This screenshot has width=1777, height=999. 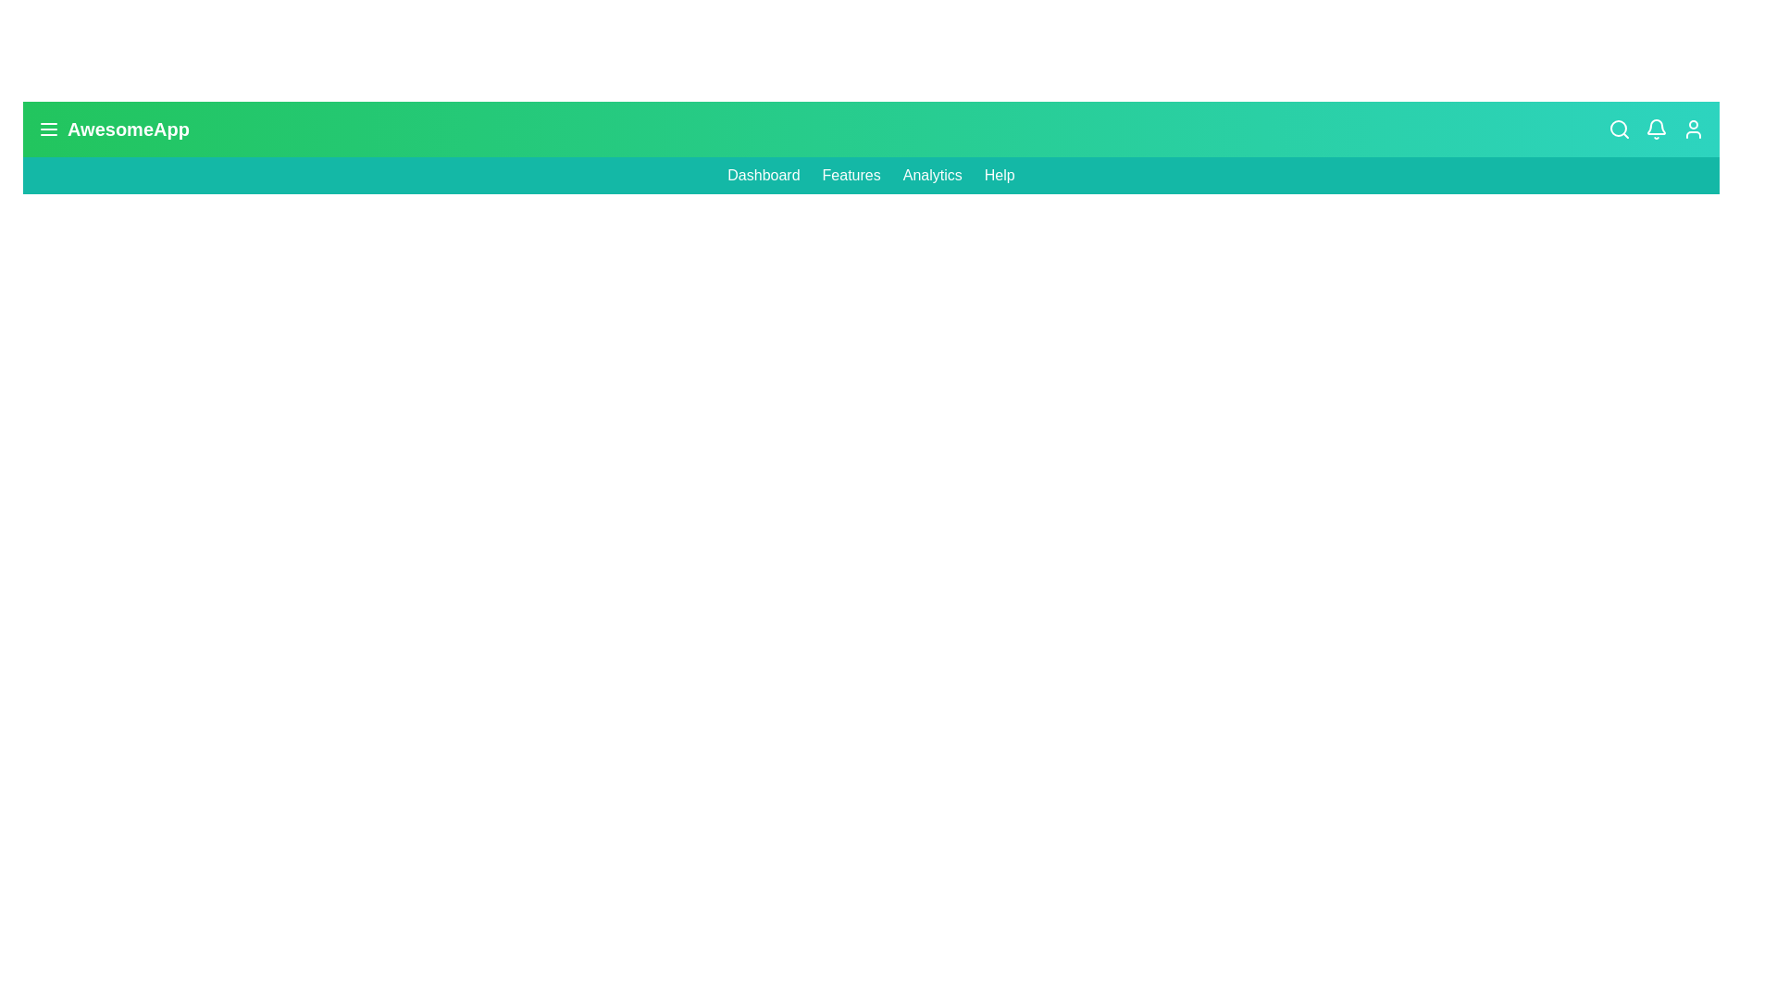 What do you see at coordinates (764, 175) in the screenshot?
I see `the 'Dashboard' link in the navigation bar` at bounding box center [764, 175].